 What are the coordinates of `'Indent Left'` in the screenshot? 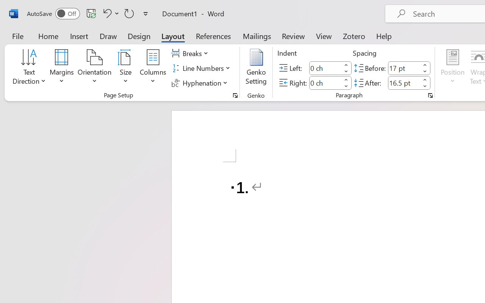 It's located at (325, 67).